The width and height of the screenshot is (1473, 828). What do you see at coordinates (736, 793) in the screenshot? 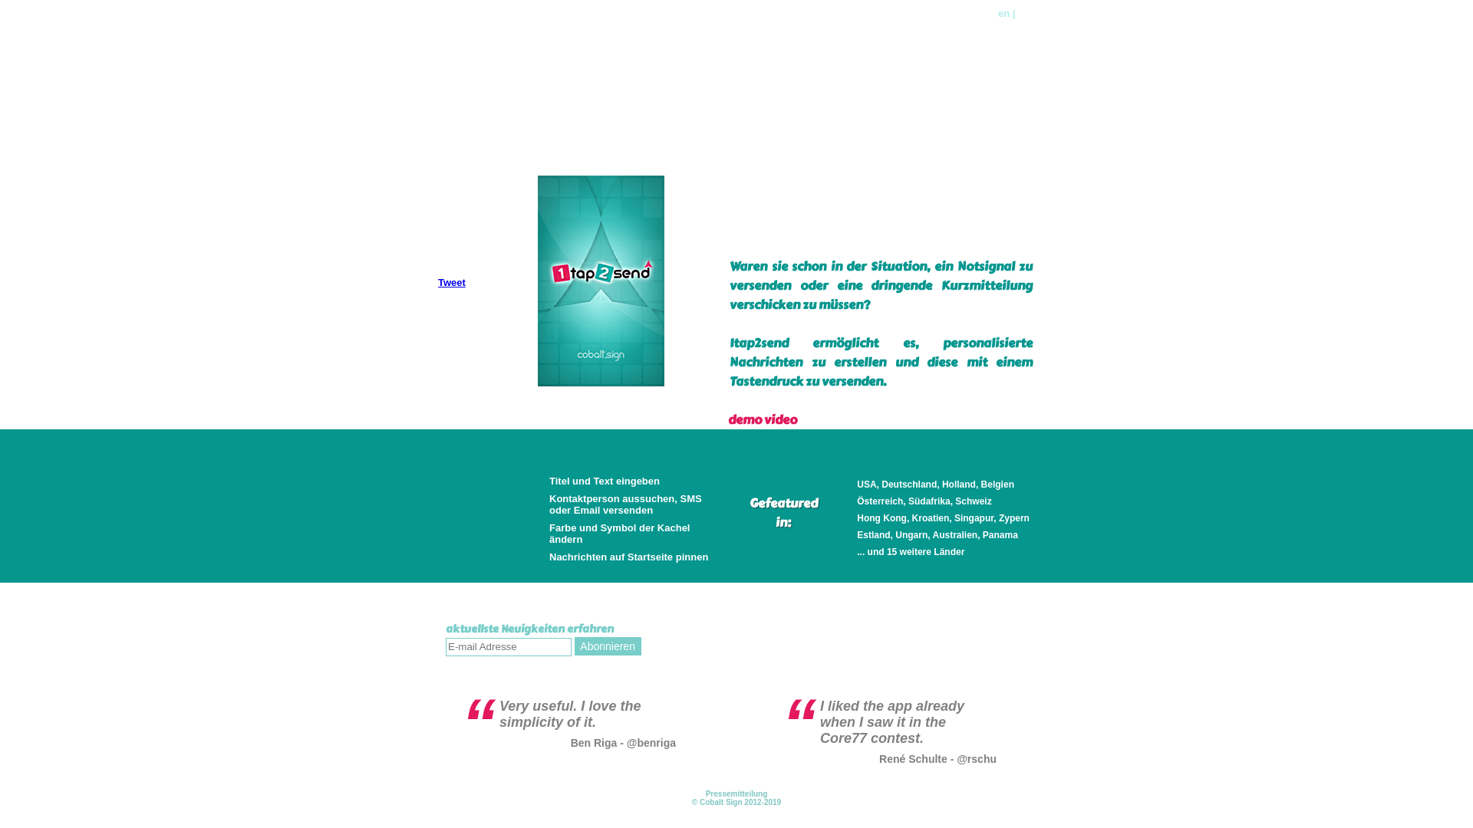
I see `'Pressemitteilung'` at bounding box center [736, 793].